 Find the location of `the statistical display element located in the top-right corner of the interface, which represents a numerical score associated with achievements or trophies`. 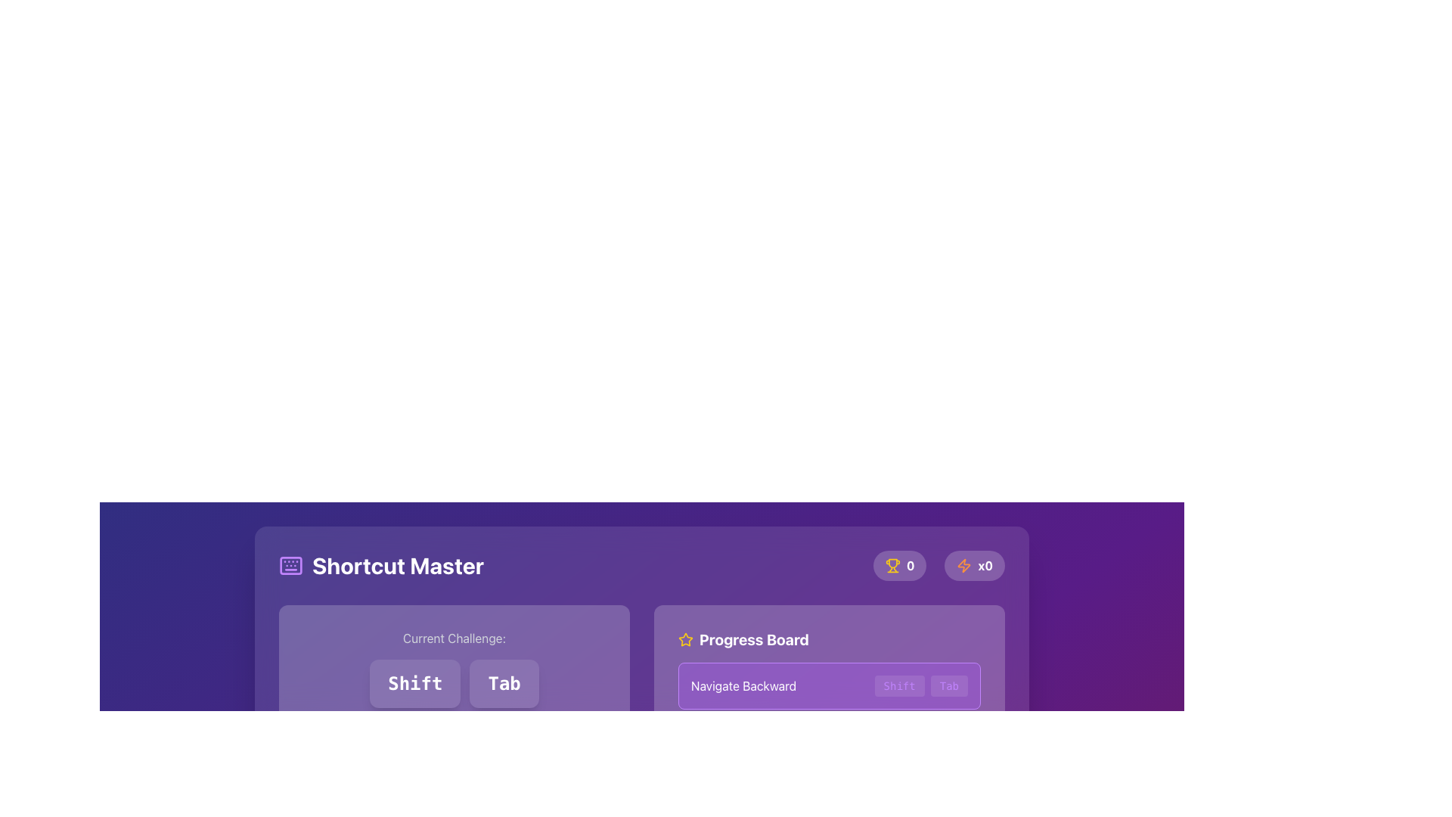

the statistical display element located in the top-right corner of the interface, which represents a numerical score associated with achievements or trophies is located at coordinates (900, 566).